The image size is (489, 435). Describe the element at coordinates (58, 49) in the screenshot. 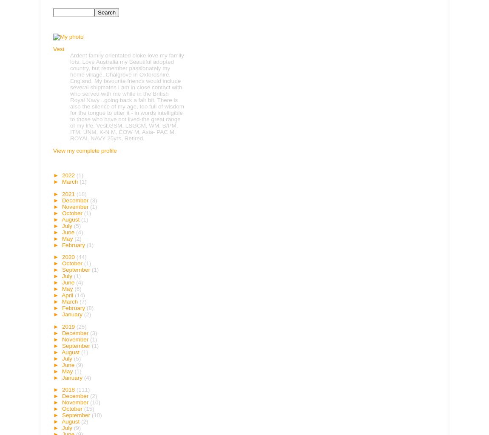

I see `'Vest'` at that location.